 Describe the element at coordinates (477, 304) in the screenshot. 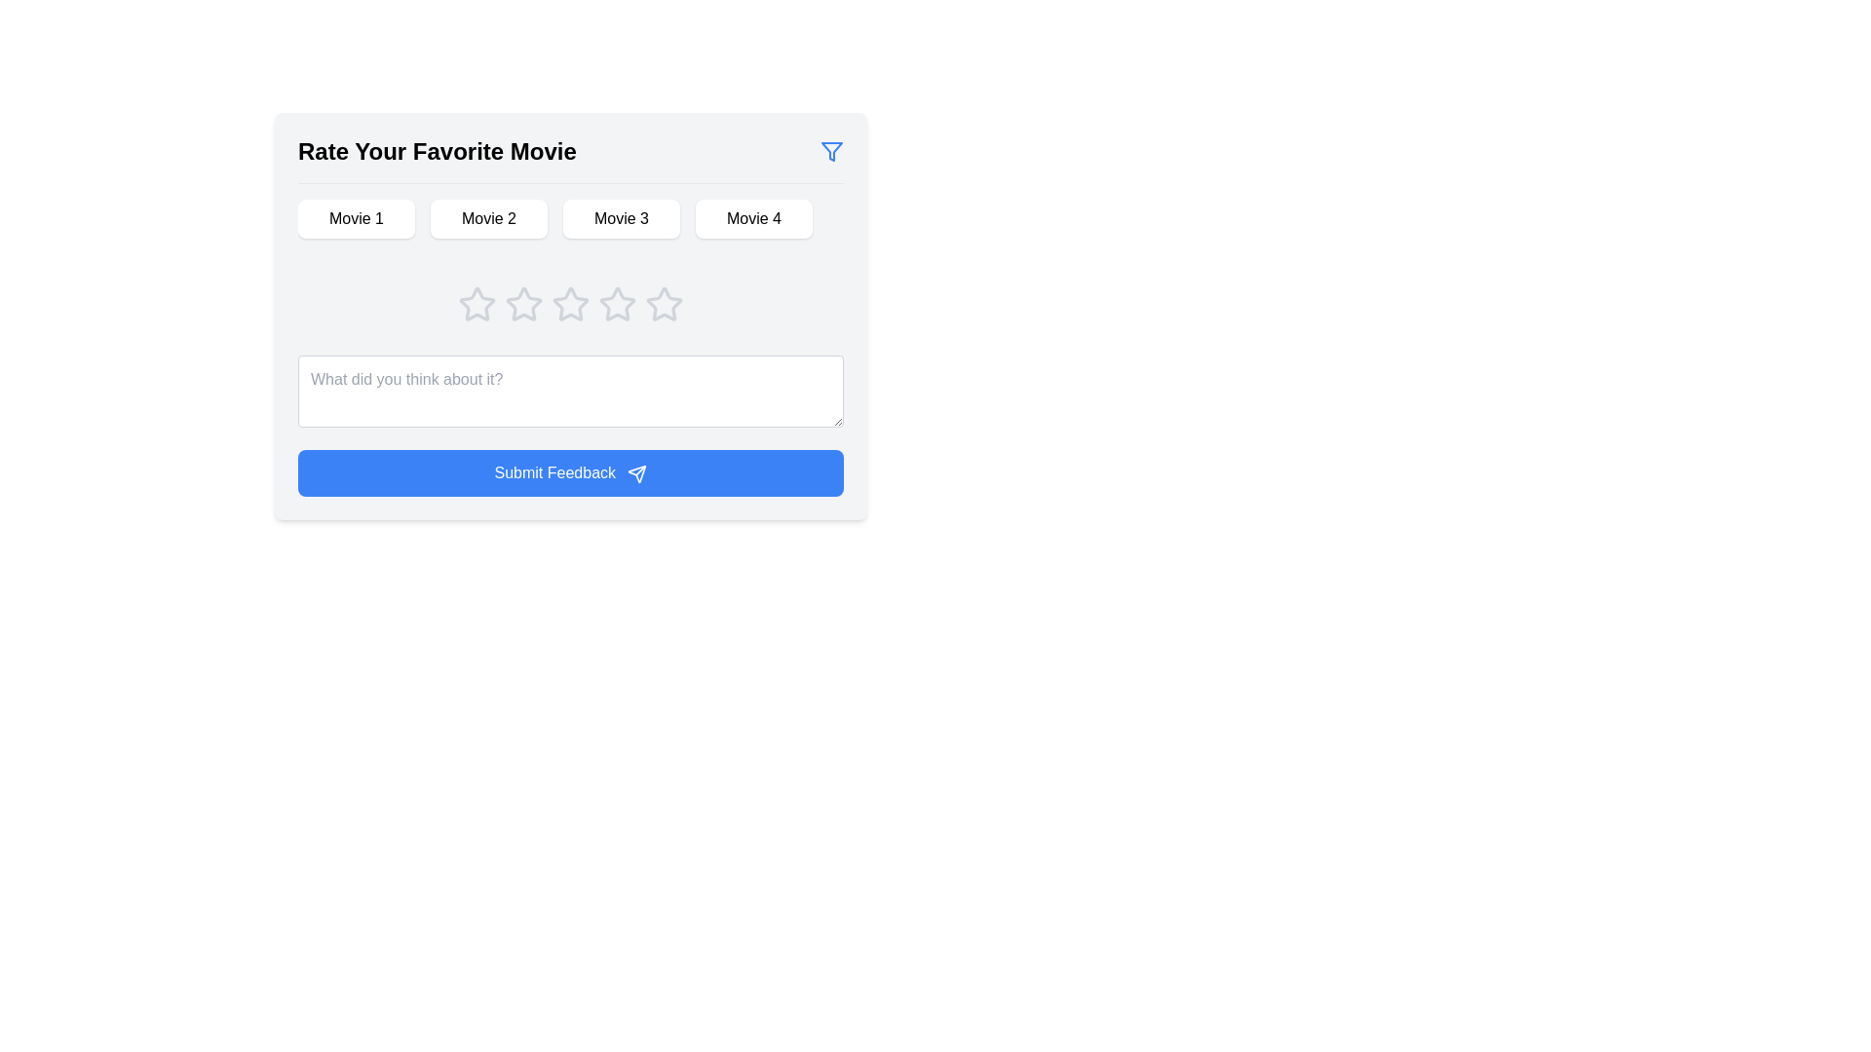

I see `the first star icon in the movie rating section` at that location.